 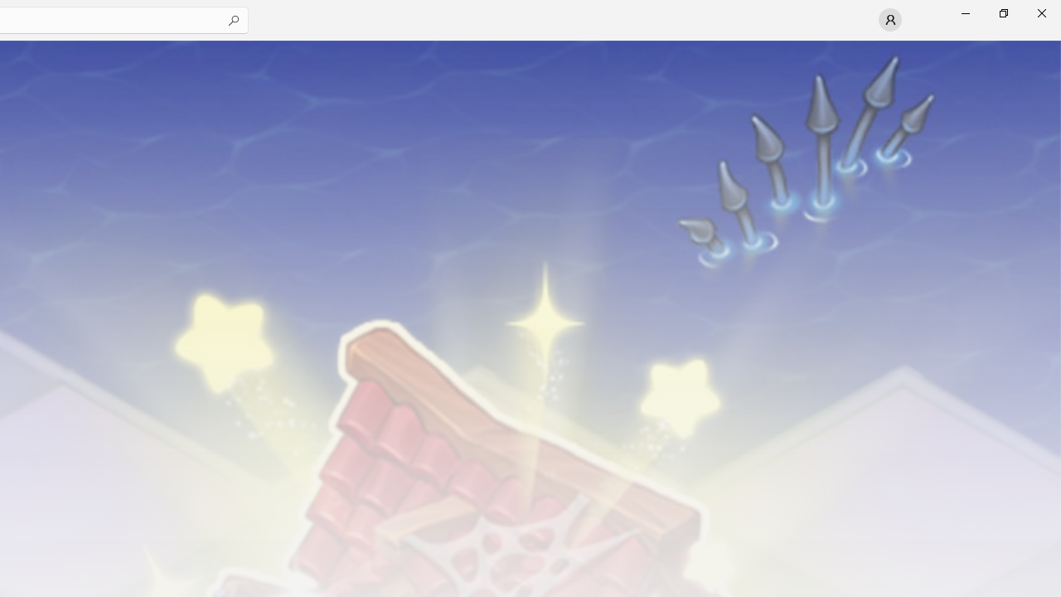 What do you see at coordinates (965, 12) in the screenshot?
I see `'Minimize Microsoft Store'` at bounding box center [965, 12].